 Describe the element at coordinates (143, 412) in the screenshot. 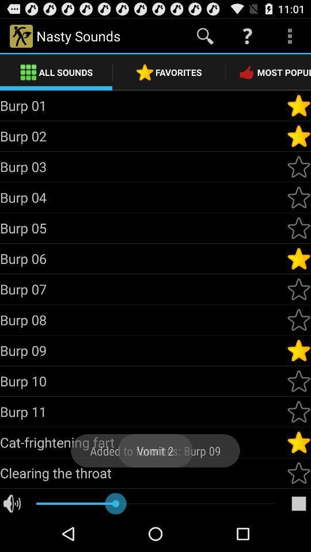

I see `burp 11` at that location.